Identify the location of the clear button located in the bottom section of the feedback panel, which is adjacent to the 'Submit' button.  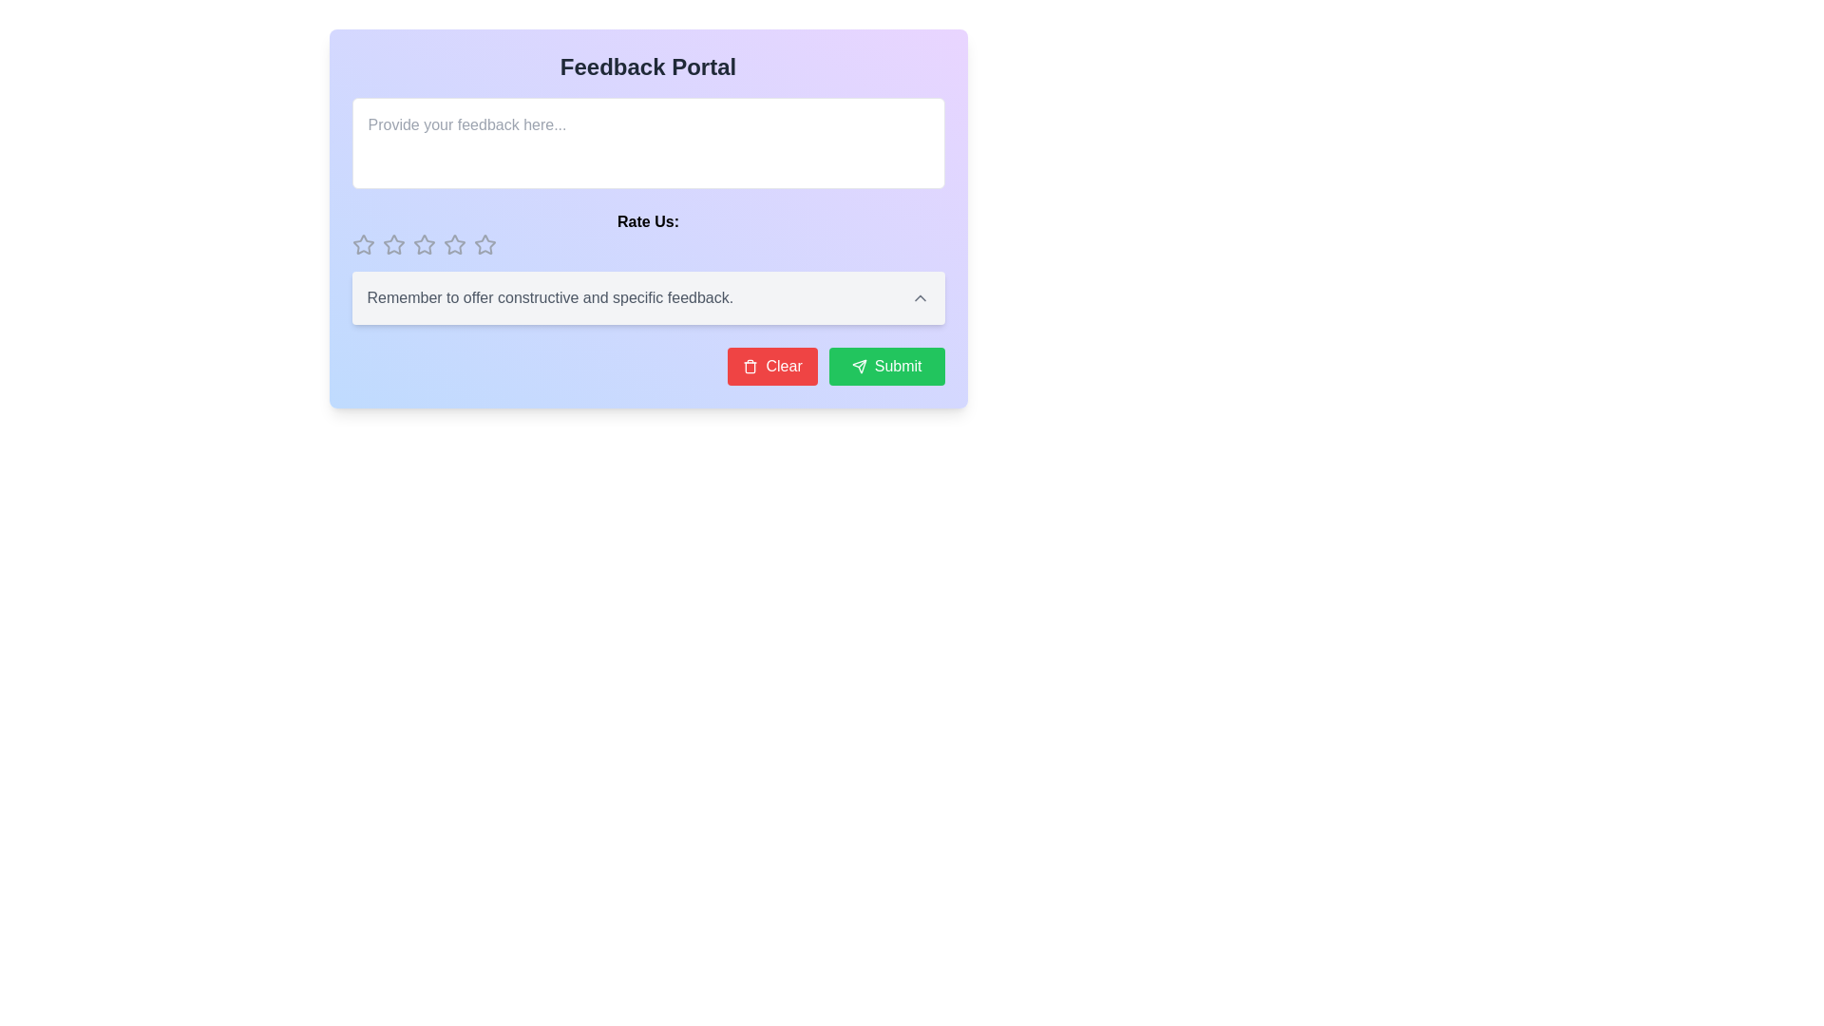
(772, 366).